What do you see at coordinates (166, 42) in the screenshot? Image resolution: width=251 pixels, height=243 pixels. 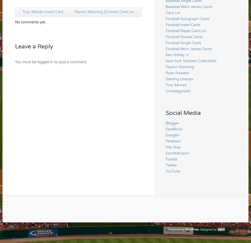 I see `'Football Single Cards'` at bounding box center [166, 42].